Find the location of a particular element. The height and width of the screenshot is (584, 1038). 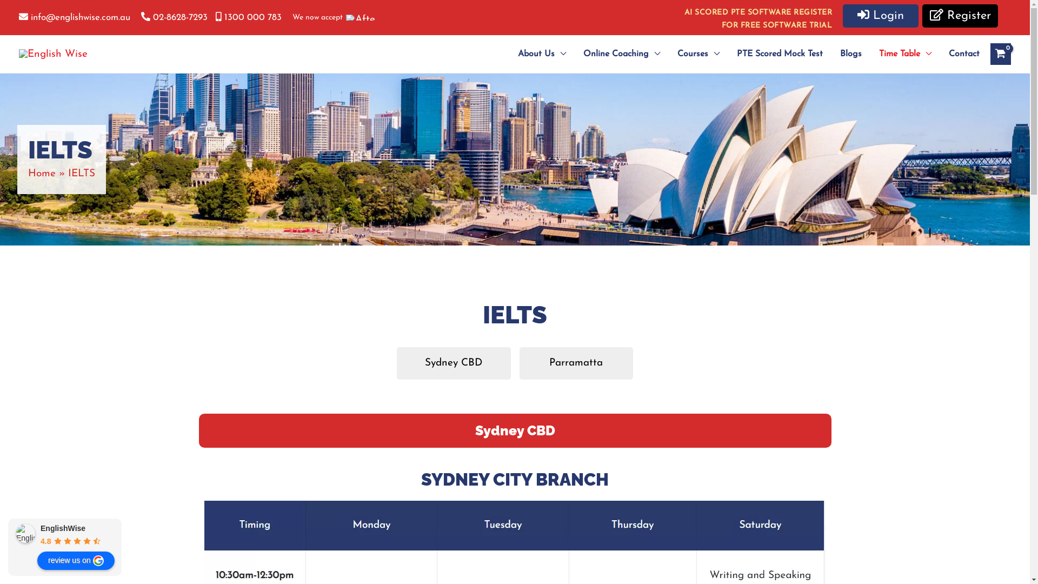

'review us on' is located at coordinates (75, 560).